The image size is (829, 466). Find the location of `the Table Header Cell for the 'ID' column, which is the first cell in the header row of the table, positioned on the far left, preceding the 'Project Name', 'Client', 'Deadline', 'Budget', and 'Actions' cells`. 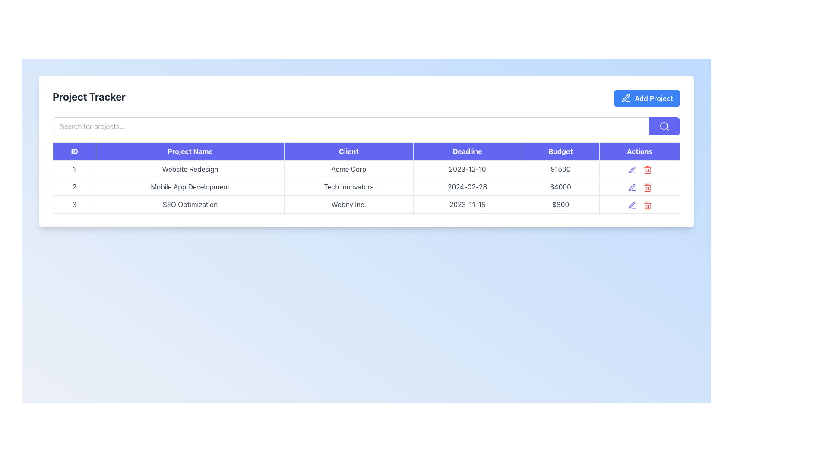

the Table Header Cell for the 'ID' column, which is the first cell in the header row of the table, positioned on the far left, preceding the 'Project Name', 'Client', 'Deadline', 'Budget', and 'Actions' cells is located at coordinates (74, 151).